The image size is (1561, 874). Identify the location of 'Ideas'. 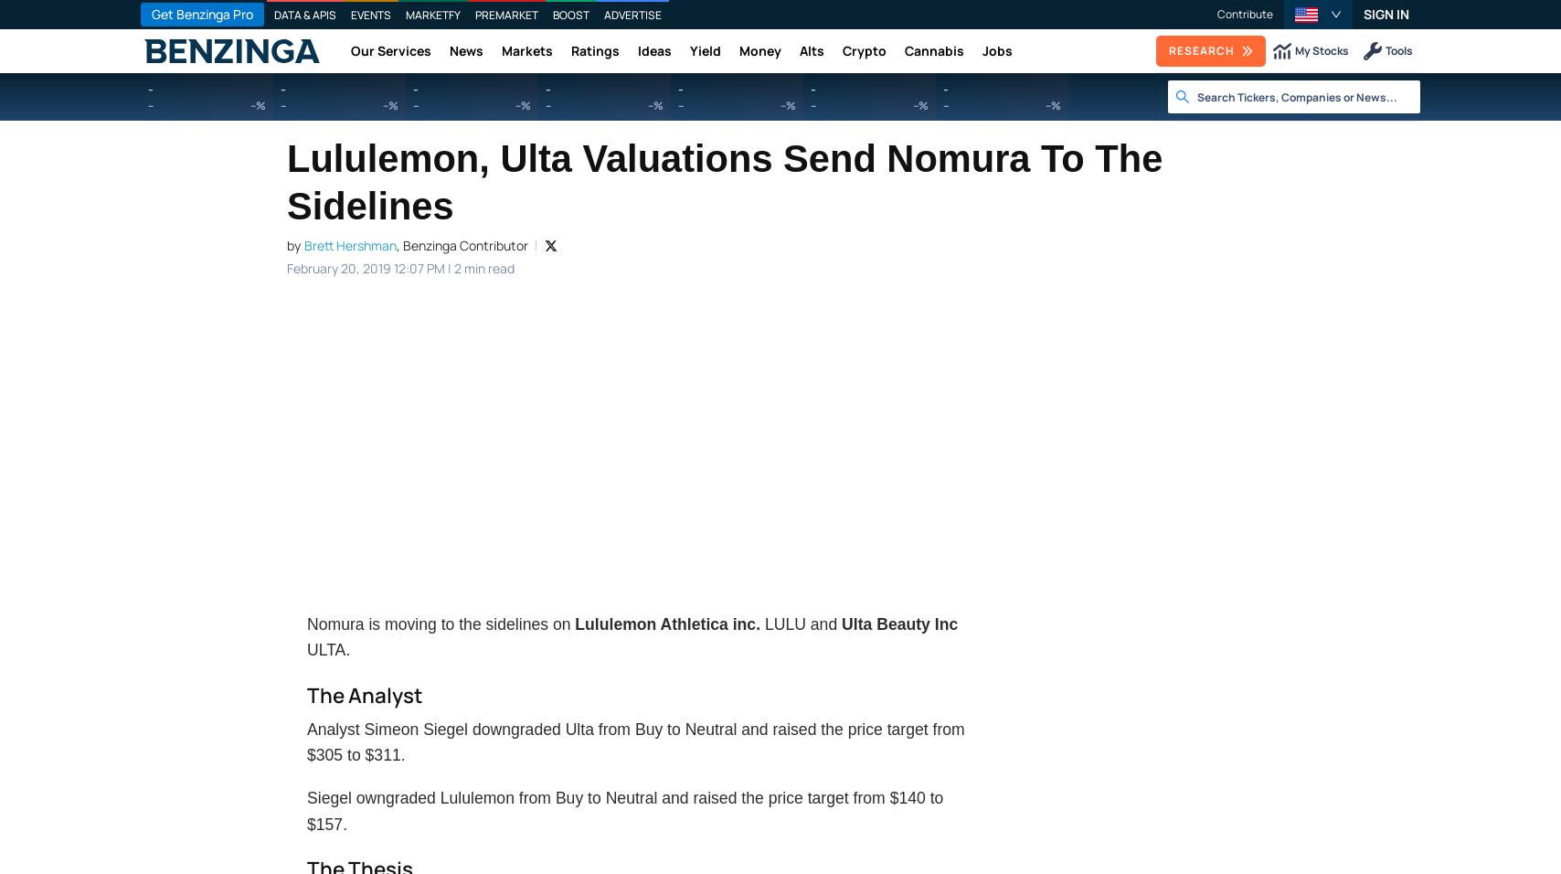
(654, 49).